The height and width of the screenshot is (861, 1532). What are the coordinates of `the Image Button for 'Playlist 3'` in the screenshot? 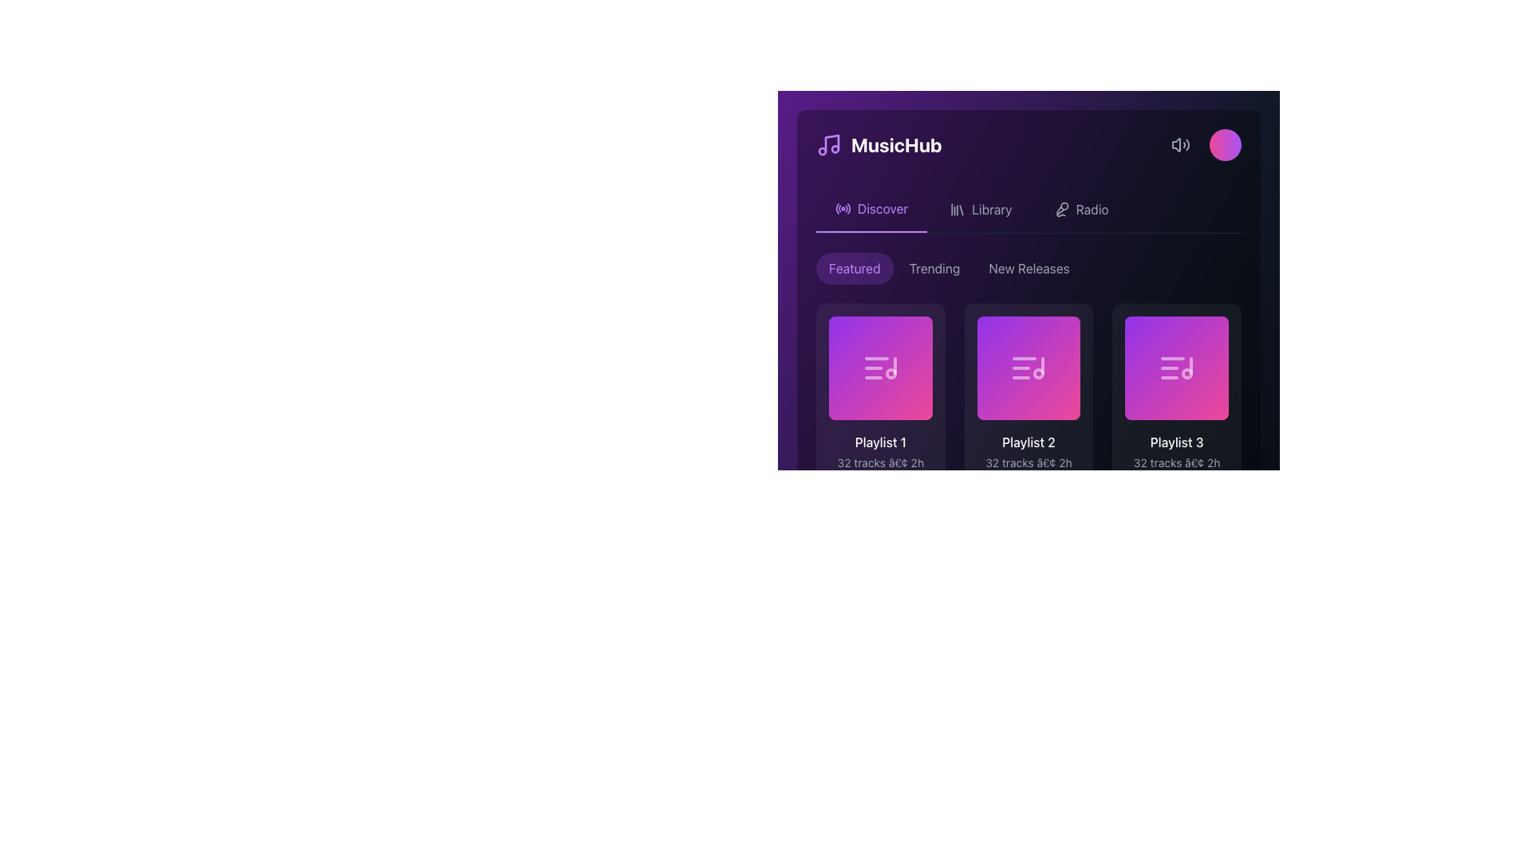 It's located at (1177, 368).